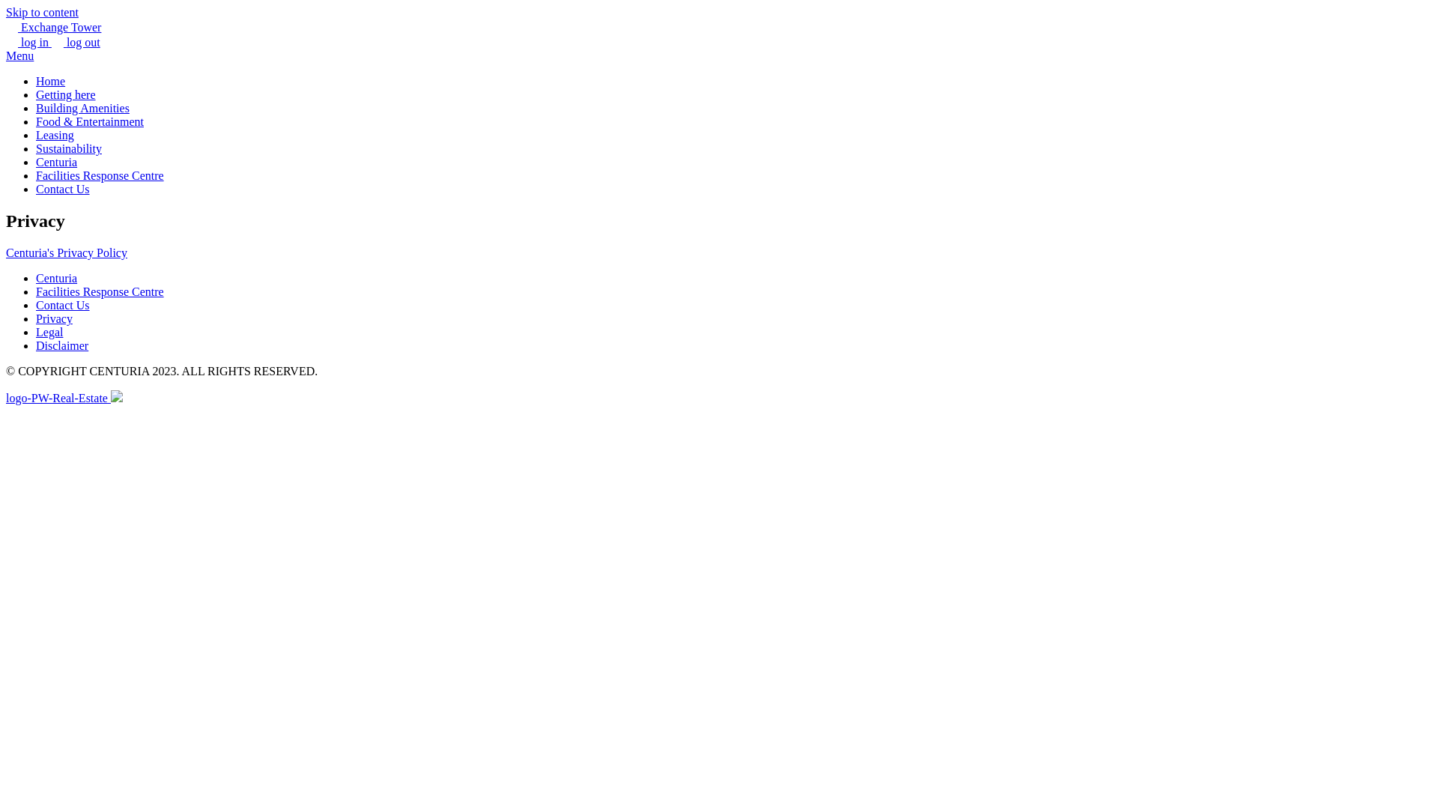 Image resolution: width=1438 pixels, height=809 pixels. I want to click on 'Centuria's Privacy Policy', so click(66, 252).